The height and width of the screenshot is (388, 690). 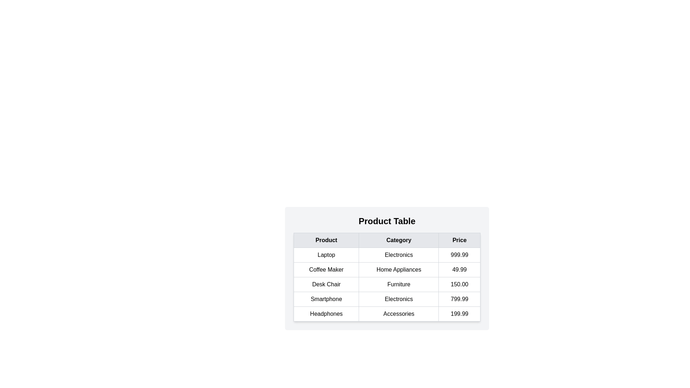 What do you see at coordinates (459, 314) in the screenshot?
I see `the static text element displaying the price '199.99' in the 'Price' column for the 'Headphones' row` at bounding box center [459, 314].